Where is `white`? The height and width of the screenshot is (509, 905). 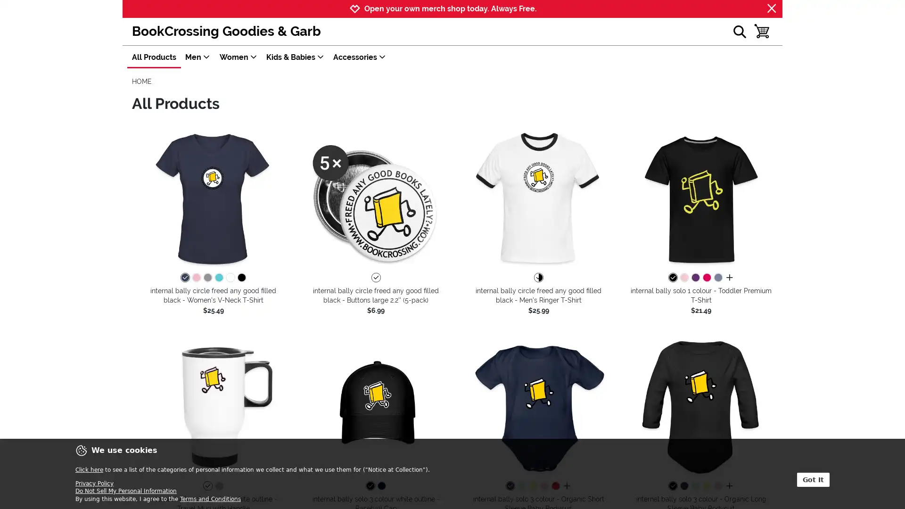 white is located at coordinates (207, 486).